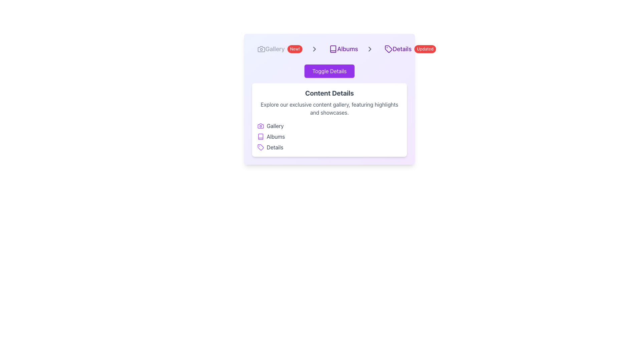 The height and width of the screenshot is (361, 641). What do you see at coordinates (314, 48) in the screenshot?
I see `the right-pointing chevron icon in the breadcrumb navigation between 'Albums' and 'Details'` at bounding box center [314, 48].